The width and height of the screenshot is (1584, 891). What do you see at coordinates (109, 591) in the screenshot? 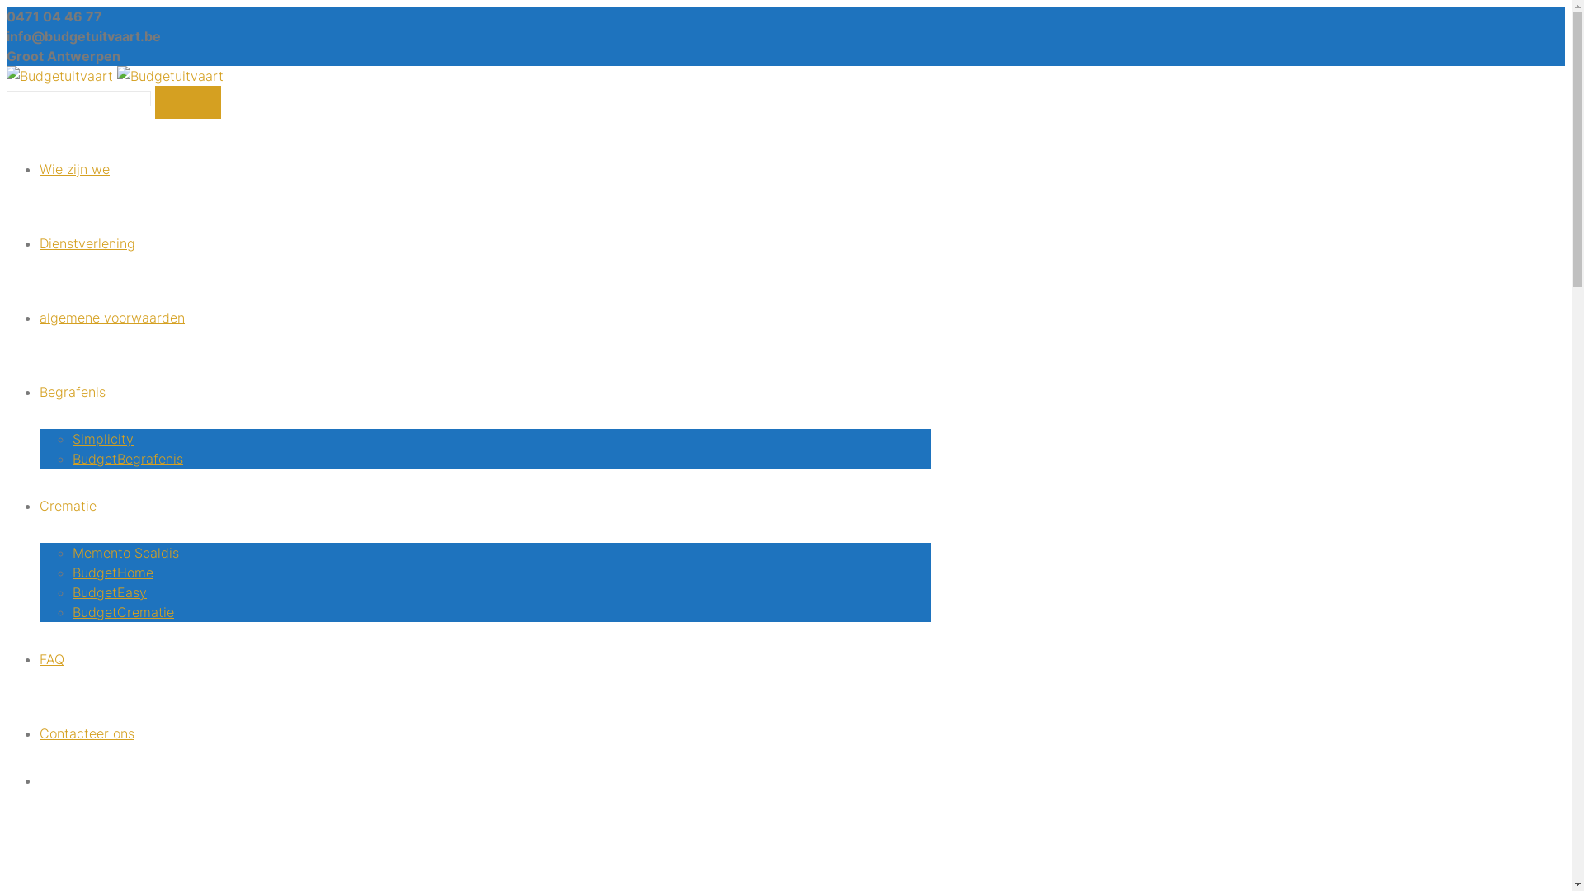
I see `'BudgetEasy'` at bounding box center [109, 591].